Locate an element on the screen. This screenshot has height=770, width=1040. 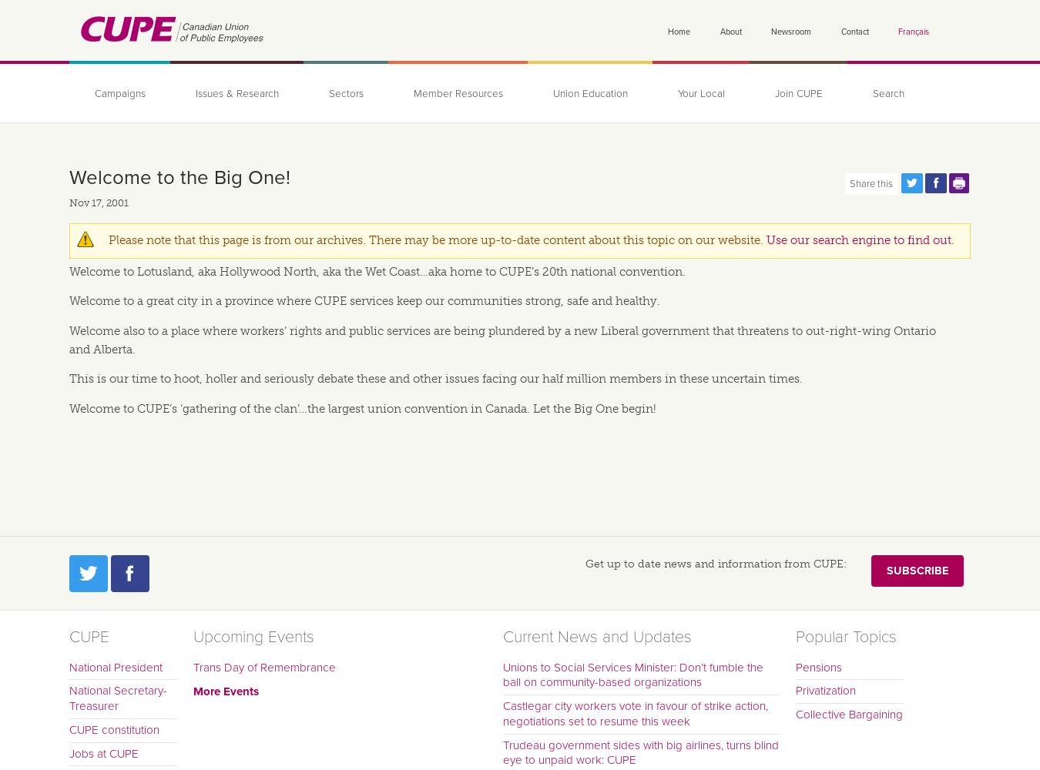
'Upcoming Events' is located at coordinates (253, 635).